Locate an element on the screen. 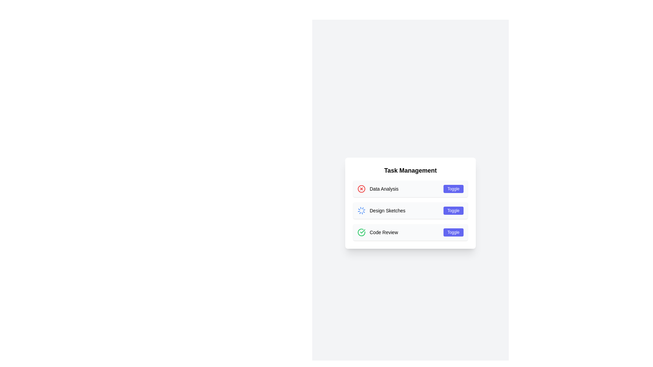 The width and height of the screenshot is (653, 367). the button-like icon representing a close/delete action is located at coordinates (361, 189).